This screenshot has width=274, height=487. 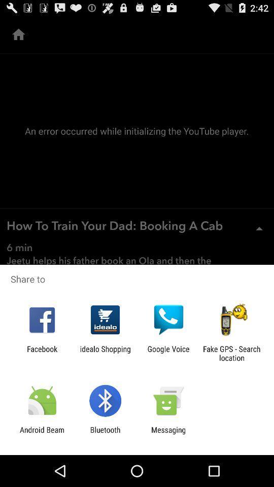 I want to click on app to the left of the messaging item, so click(x=105, y=434).